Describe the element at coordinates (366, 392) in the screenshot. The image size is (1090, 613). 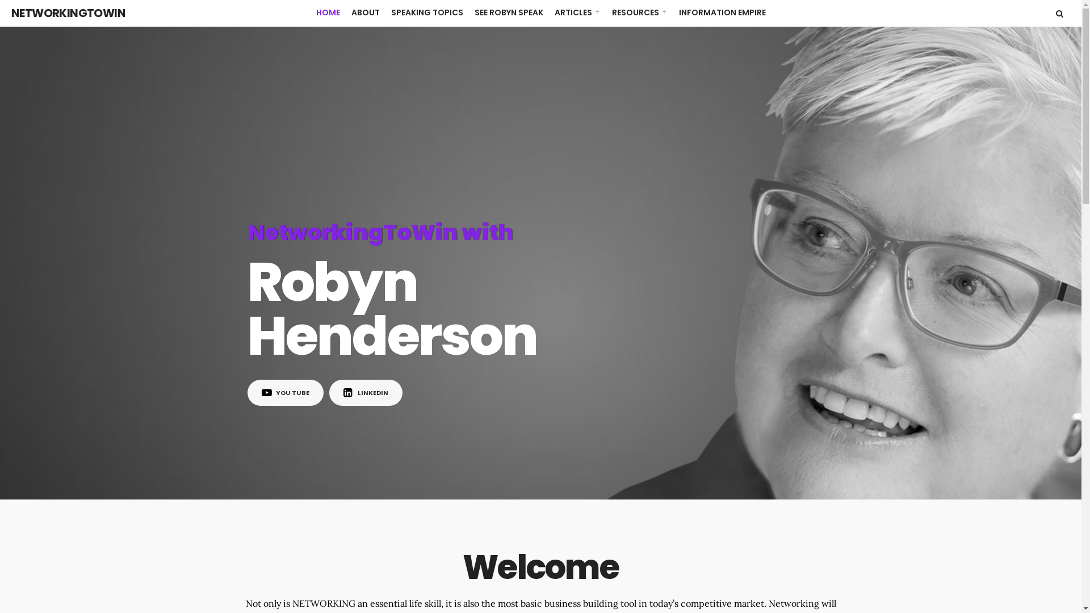
I see `'LINKEDIN'` at that location.